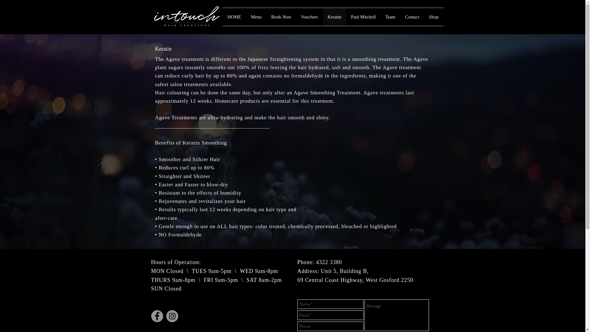 This screenshot has height=332, width=590. What do you see at coordinates (267, 16) in the screenshot?
I see `'Book Now'` at bounding box center [267, 16].